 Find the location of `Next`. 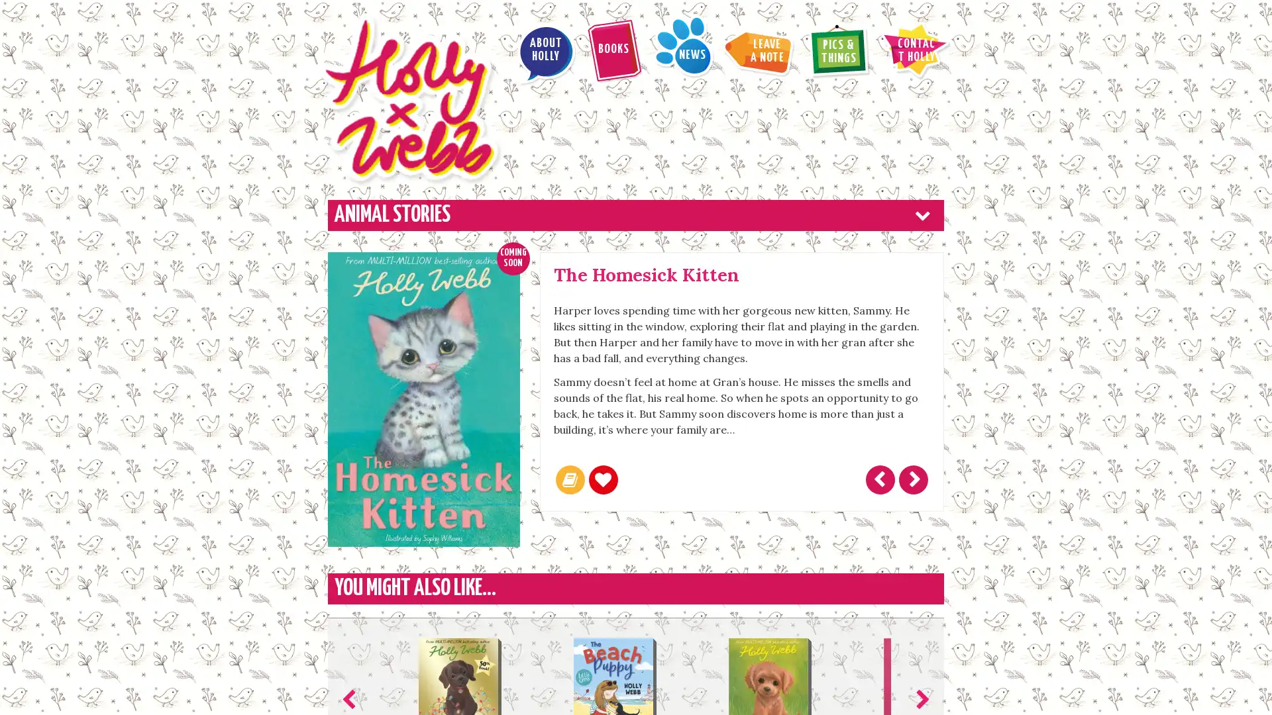

Next is located at coordinates (919, 600).